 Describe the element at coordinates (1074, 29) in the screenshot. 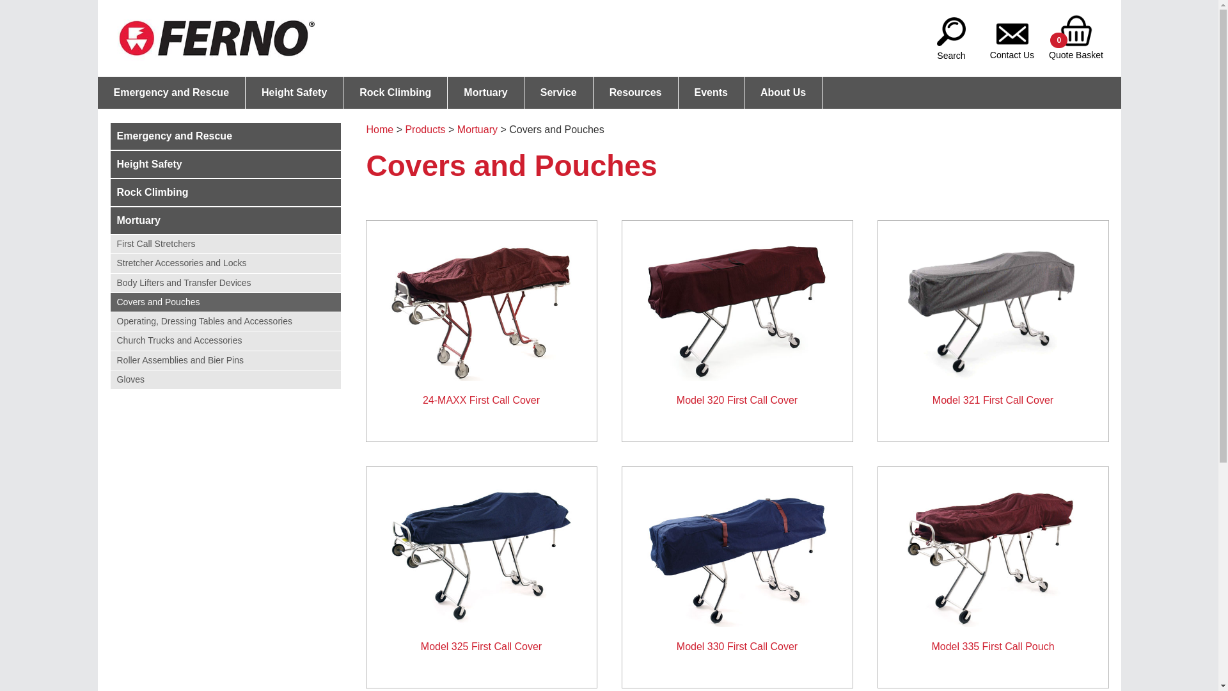

I see `'Quote Basket'` at that location.